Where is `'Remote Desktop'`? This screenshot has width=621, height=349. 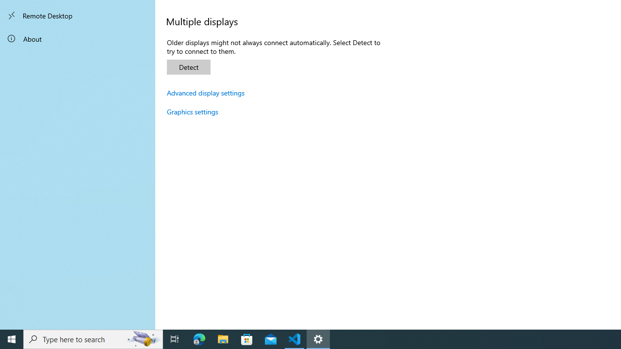
'Remote Desktop' is located at coordinates (78, 16).